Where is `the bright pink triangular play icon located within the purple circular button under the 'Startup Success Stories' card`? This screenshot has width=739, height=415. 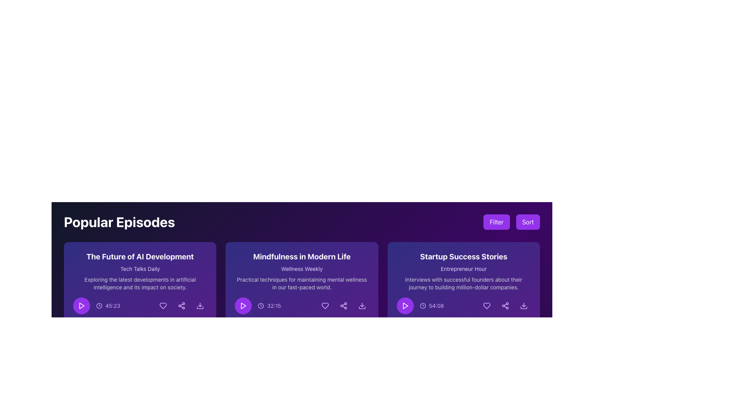 the bright pink triangular play icon located within the purple circular button under the 'Startup Success Stories' card is located at coordinates (405, 305).